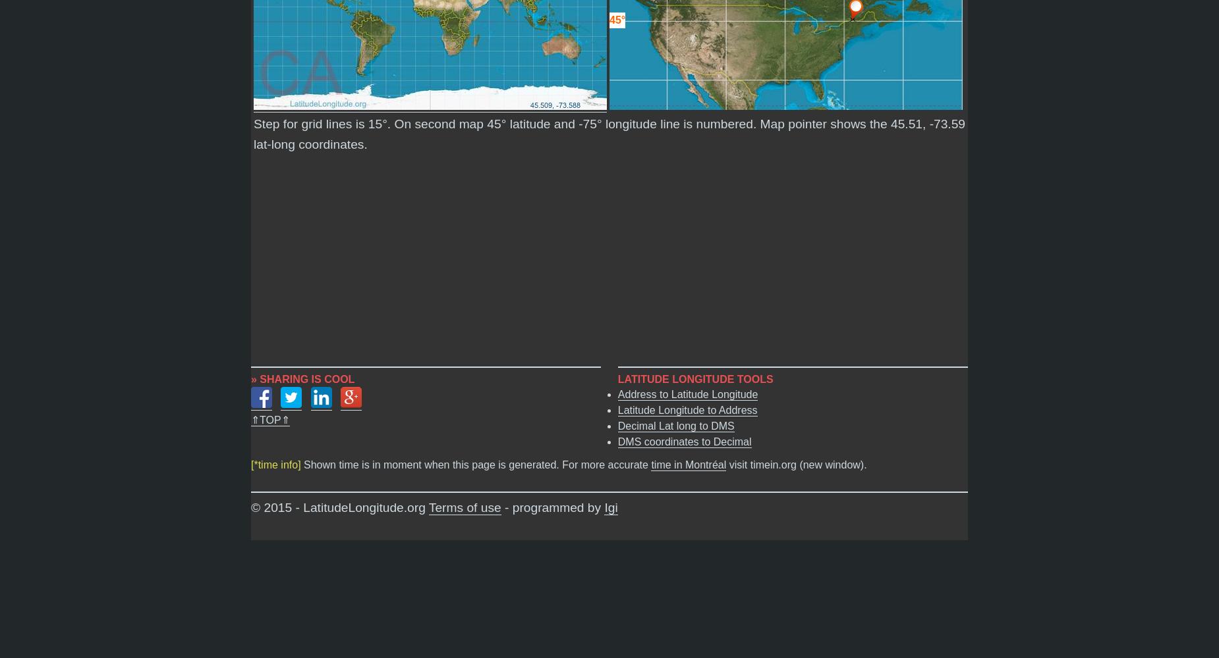 This screenshot has height=658, width=1219. What do you see at coordinates (500, 507) in the screenshot?
I see `'- programmed by'` at bounding box center [500, 507].